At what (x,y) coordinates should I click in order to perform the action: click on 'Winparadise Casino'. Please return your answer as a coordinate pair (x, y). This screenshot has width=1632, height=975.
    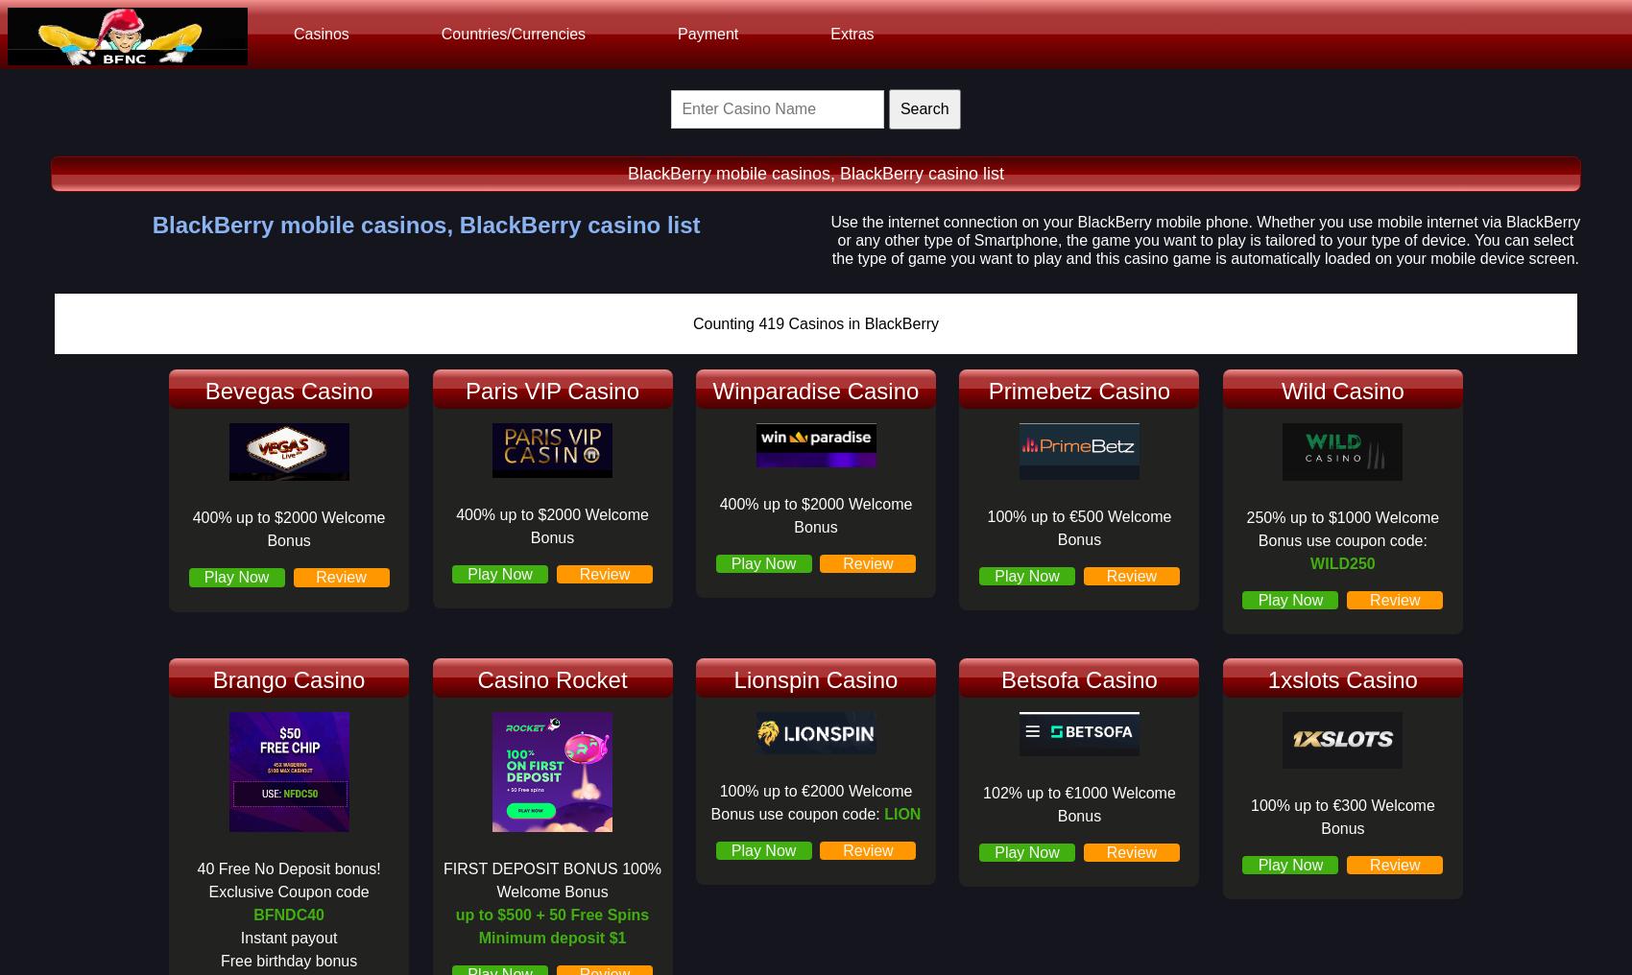
    Looking at the image, I should click on (814, 389).